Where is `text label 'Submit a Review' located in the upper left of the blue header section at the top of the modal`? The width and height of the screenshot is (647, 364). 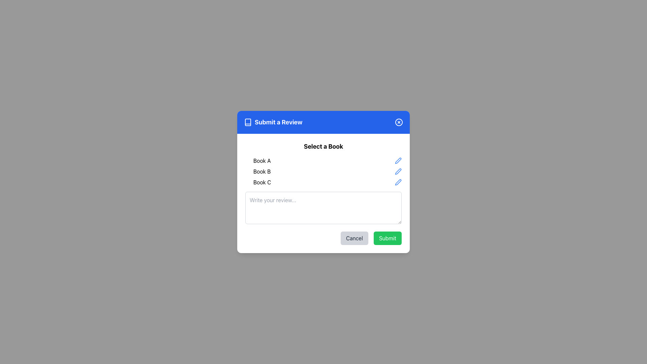 text label 'Submit a Review' located in the upper left of the blue header section at the top of the modal is located at coordinates (273, 122).